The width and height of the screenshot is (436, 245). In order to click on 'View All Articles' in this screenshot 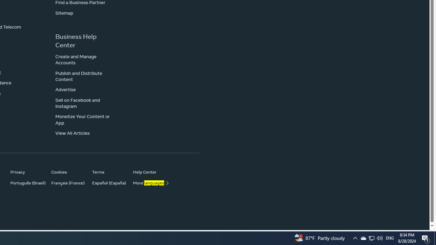, I will do `click(73, 133)`.